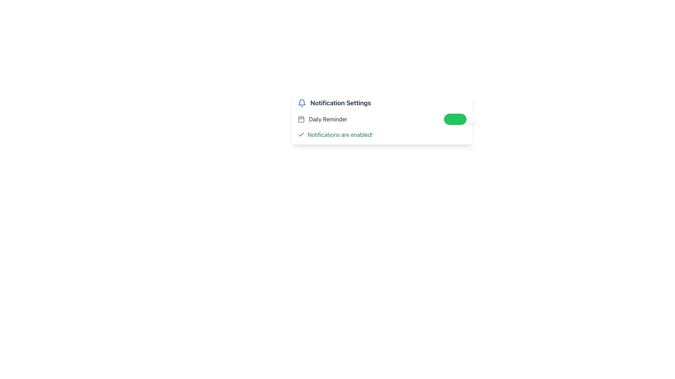  I want to click on the static text element that indicates notifications are currently active, located in the notification settings section, to the right of the checkmark icon and below the 'Daily Reminder' label, so click(340, 135).